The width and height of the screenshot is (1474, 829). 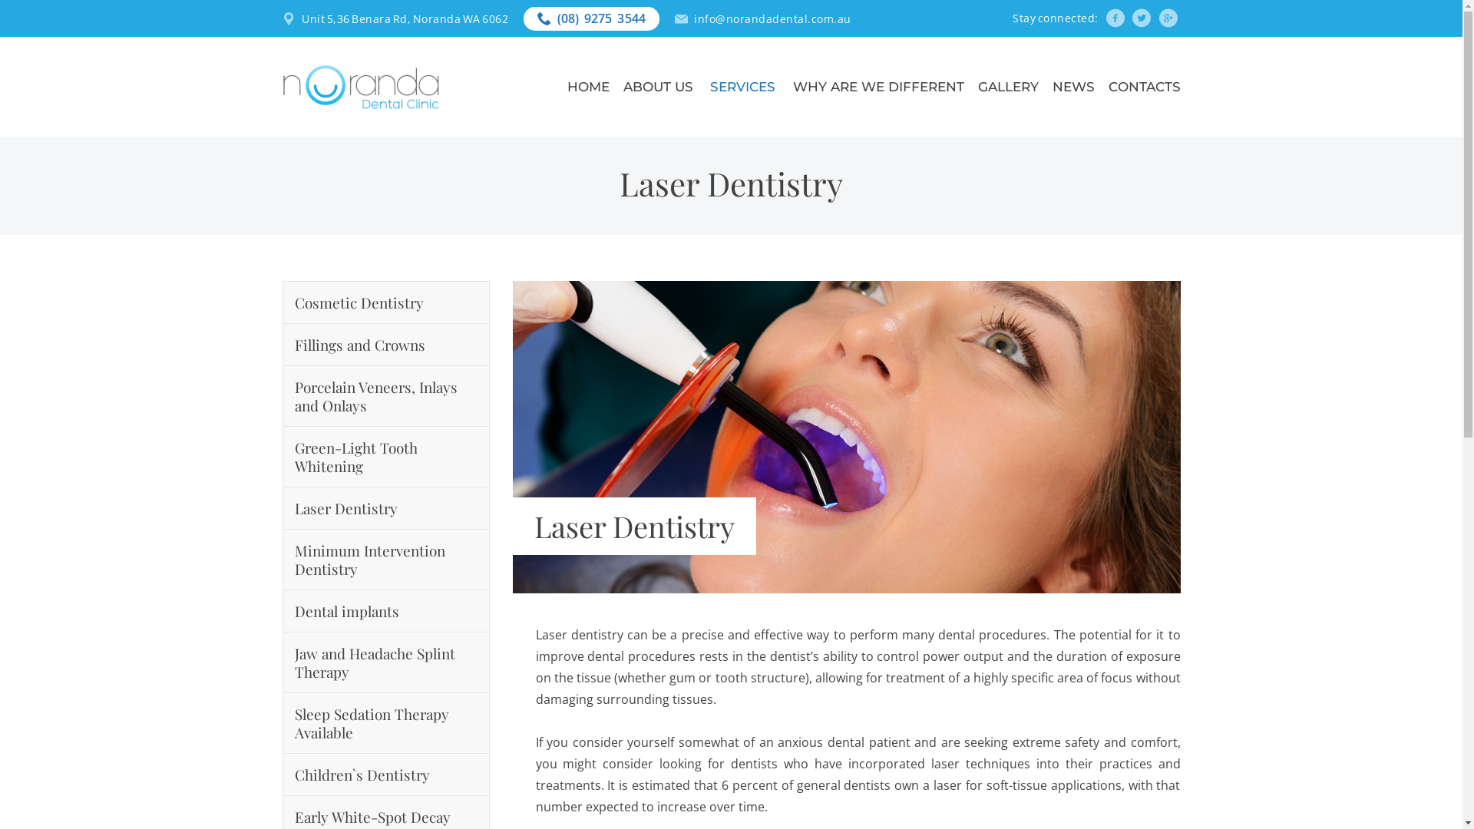 I want to click on 'Laser Dentistry', so click(x=385, y=508).